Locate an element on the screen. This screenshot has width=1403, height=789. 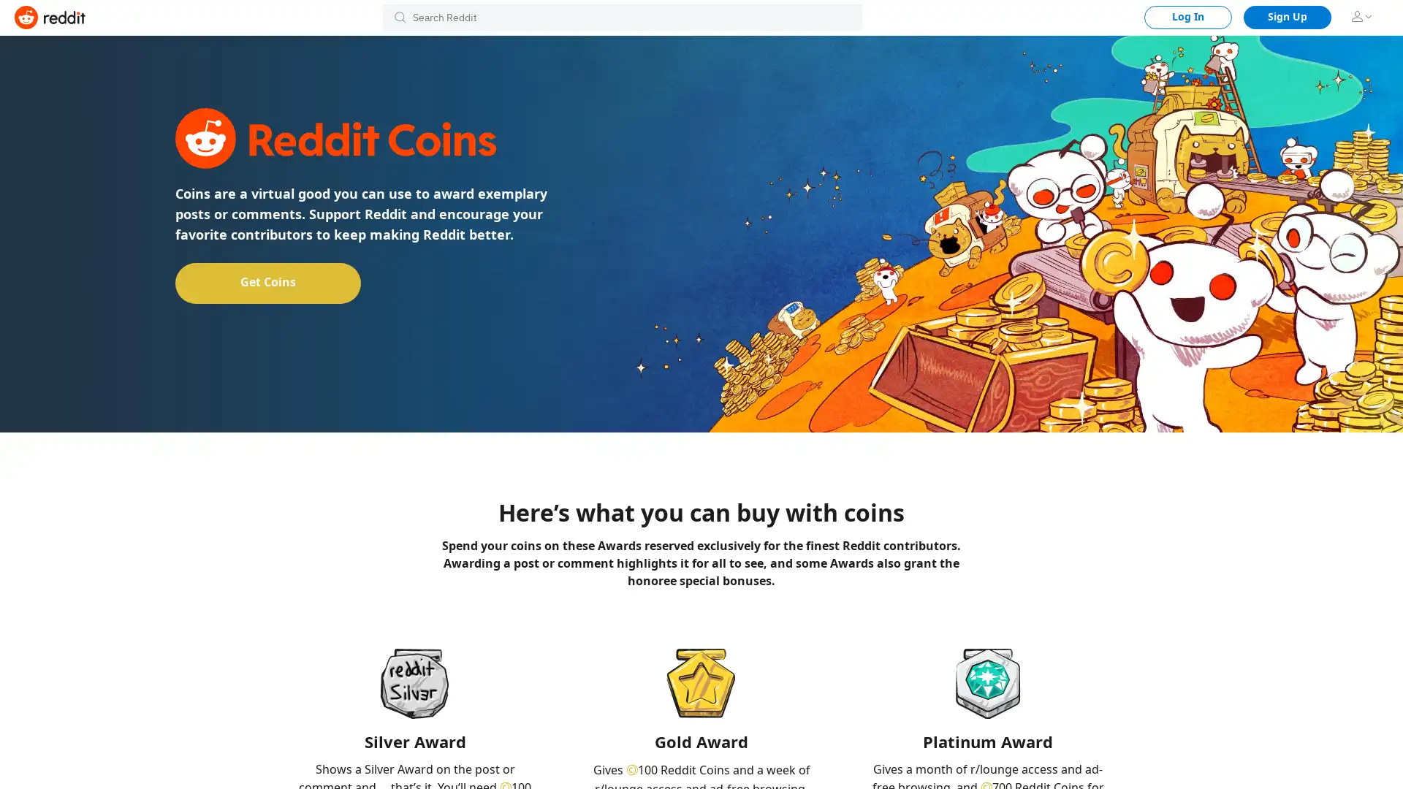
Get Coins is located at coordinates (267, 282).